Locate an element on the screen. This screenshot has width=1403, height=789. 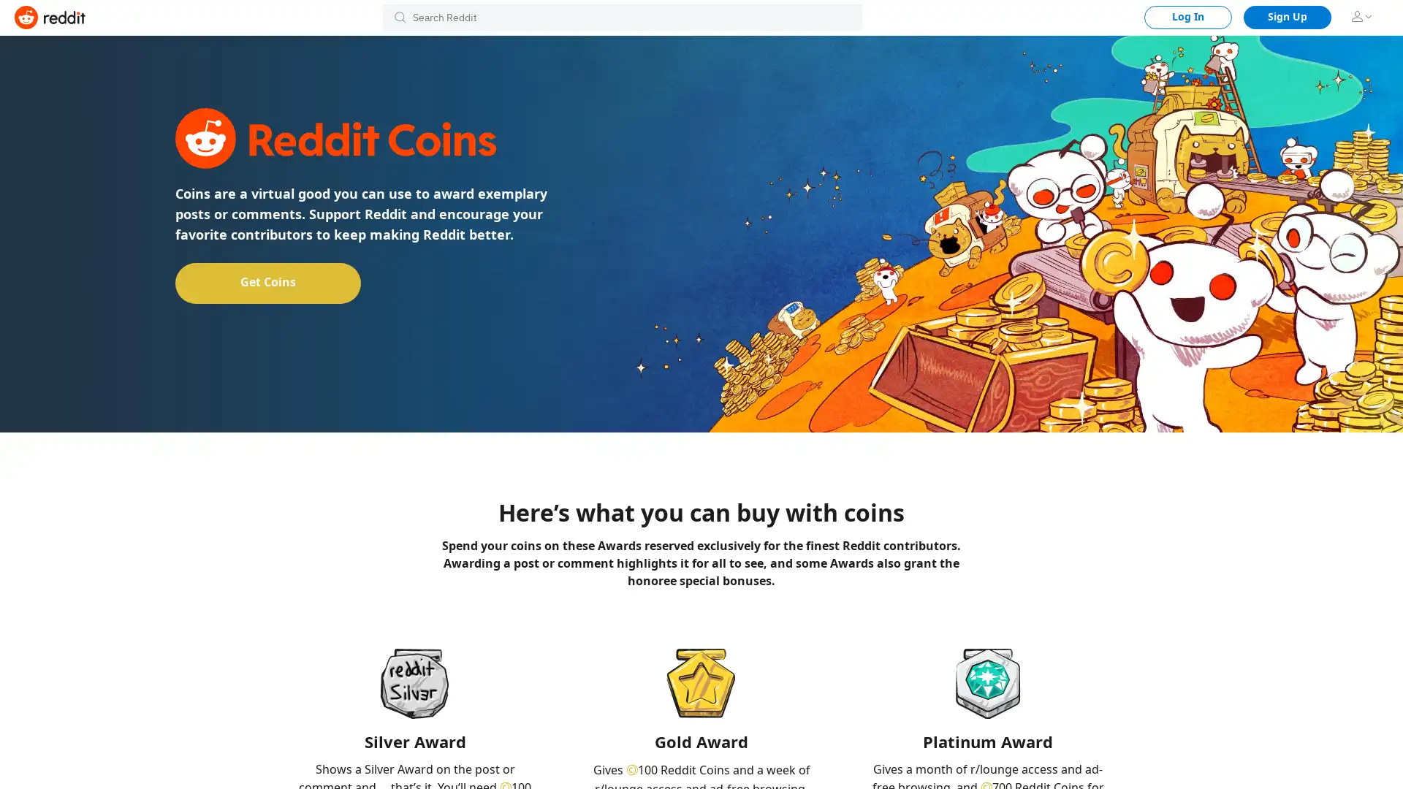
Get Coins is located at coordinates (267, 282).